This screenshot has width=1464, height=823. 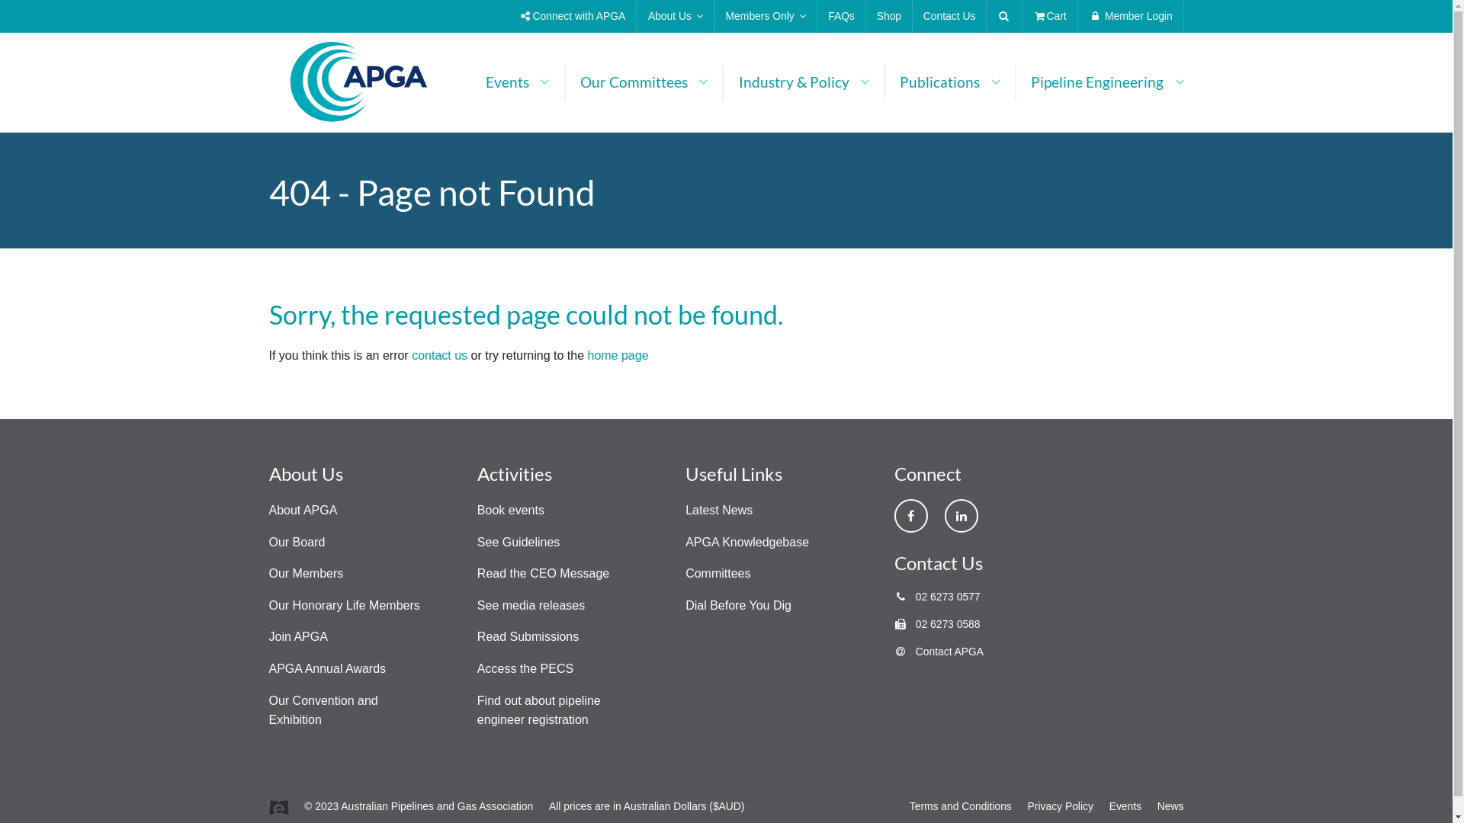 What do you see at coordinates (949, 82) in the screenshot?
I see `'Publications'` at bounding box center [949, 82].